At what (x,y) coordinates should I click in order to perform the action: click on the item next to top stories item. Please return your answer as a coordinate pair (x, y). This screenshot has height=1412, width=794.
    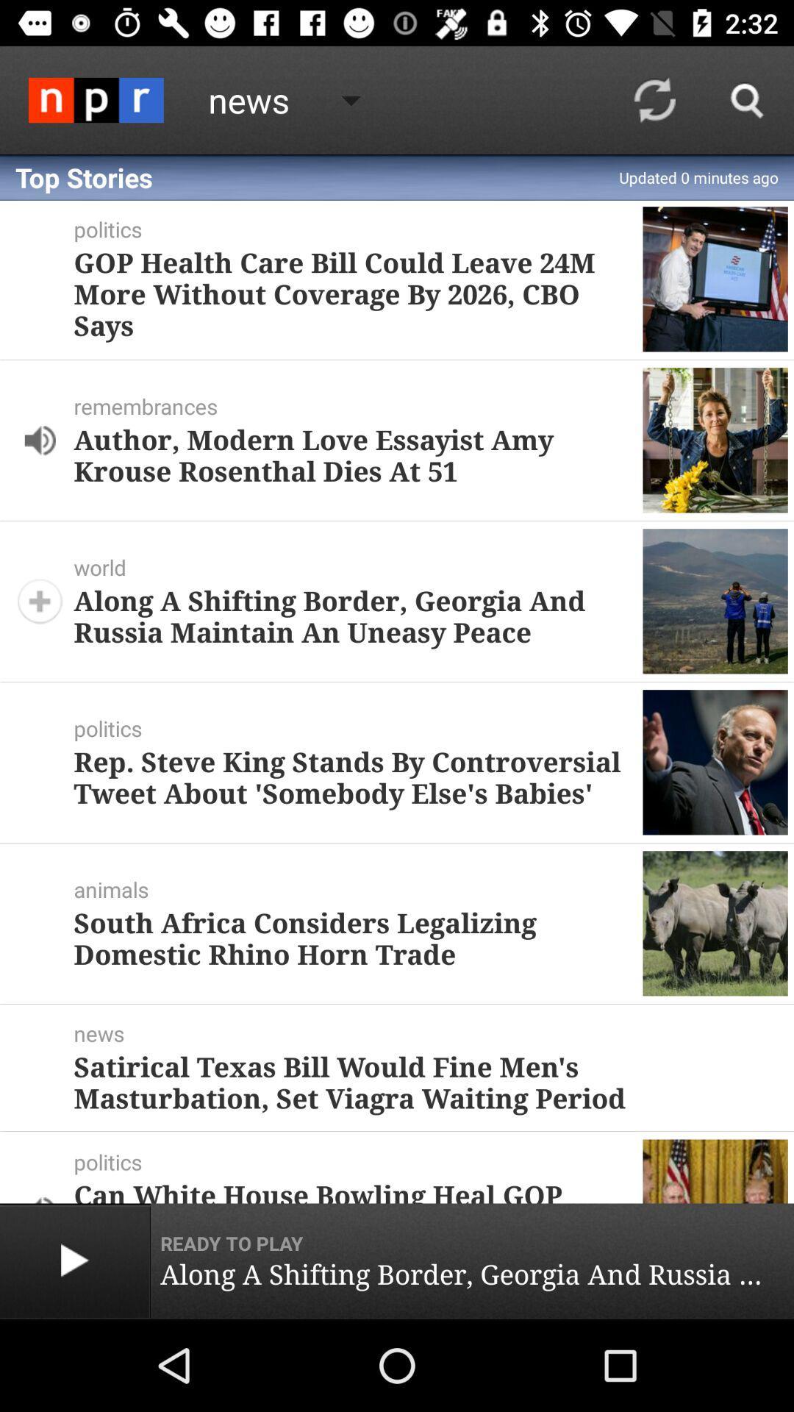
    Looking at the image, I should click on (654, 99).